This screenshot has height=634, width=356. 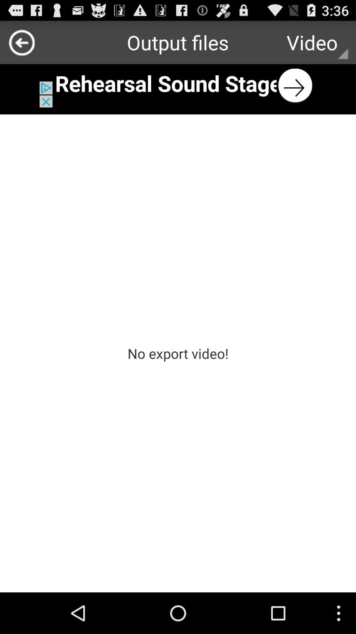 I want to click on the arrow_backward icon, so click(x=21, y=45).